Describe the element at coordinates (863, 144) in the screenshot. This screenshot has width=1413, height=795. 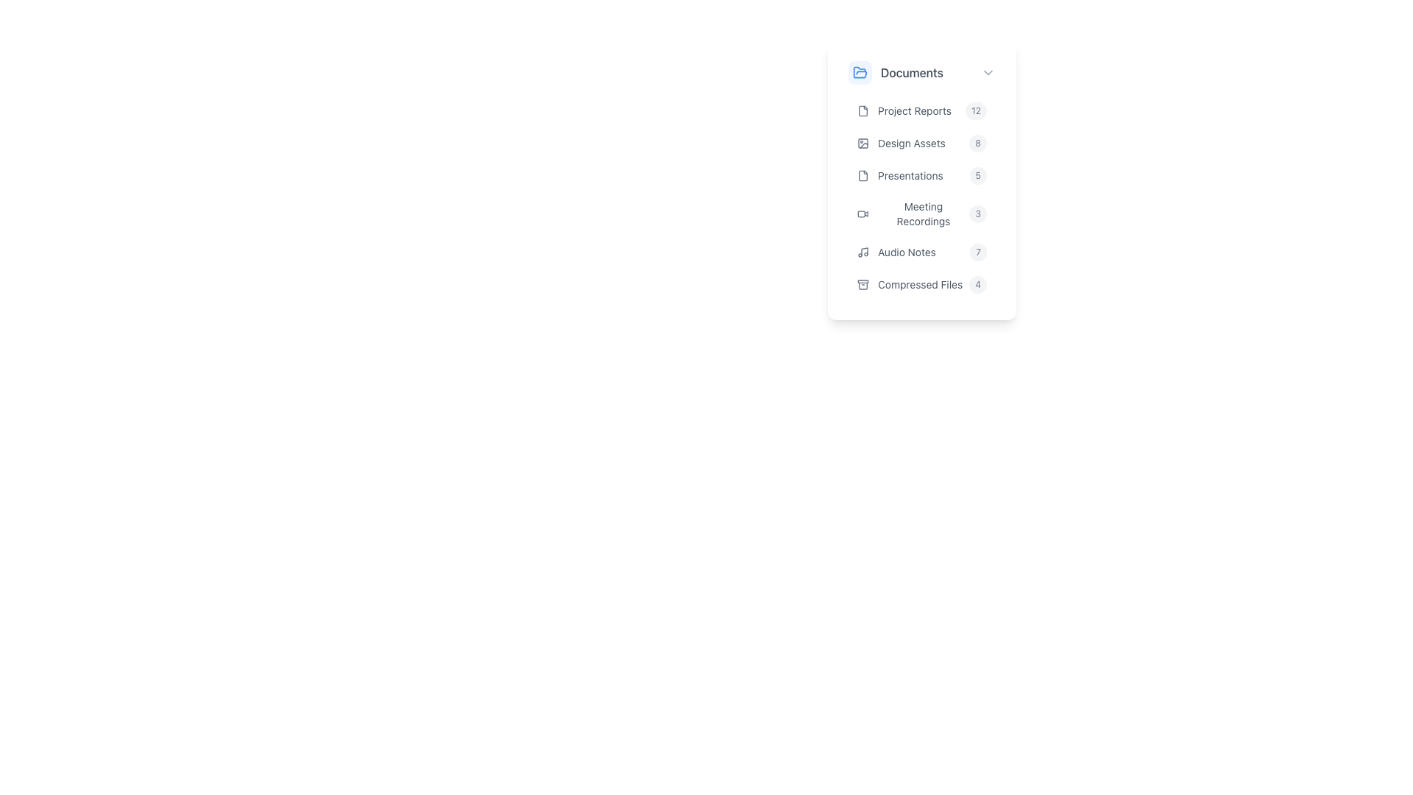
I see `the small gray square icon representing an image, located directly before the text 'Design Assets', as a static representation of a category` at that location.